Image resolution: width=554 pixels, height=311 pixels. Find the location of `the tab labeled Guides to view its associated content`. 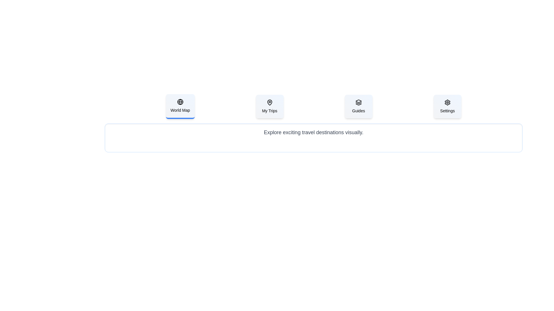

the tab labeled Guides to view its associated content is located at coordinates (358, 107).